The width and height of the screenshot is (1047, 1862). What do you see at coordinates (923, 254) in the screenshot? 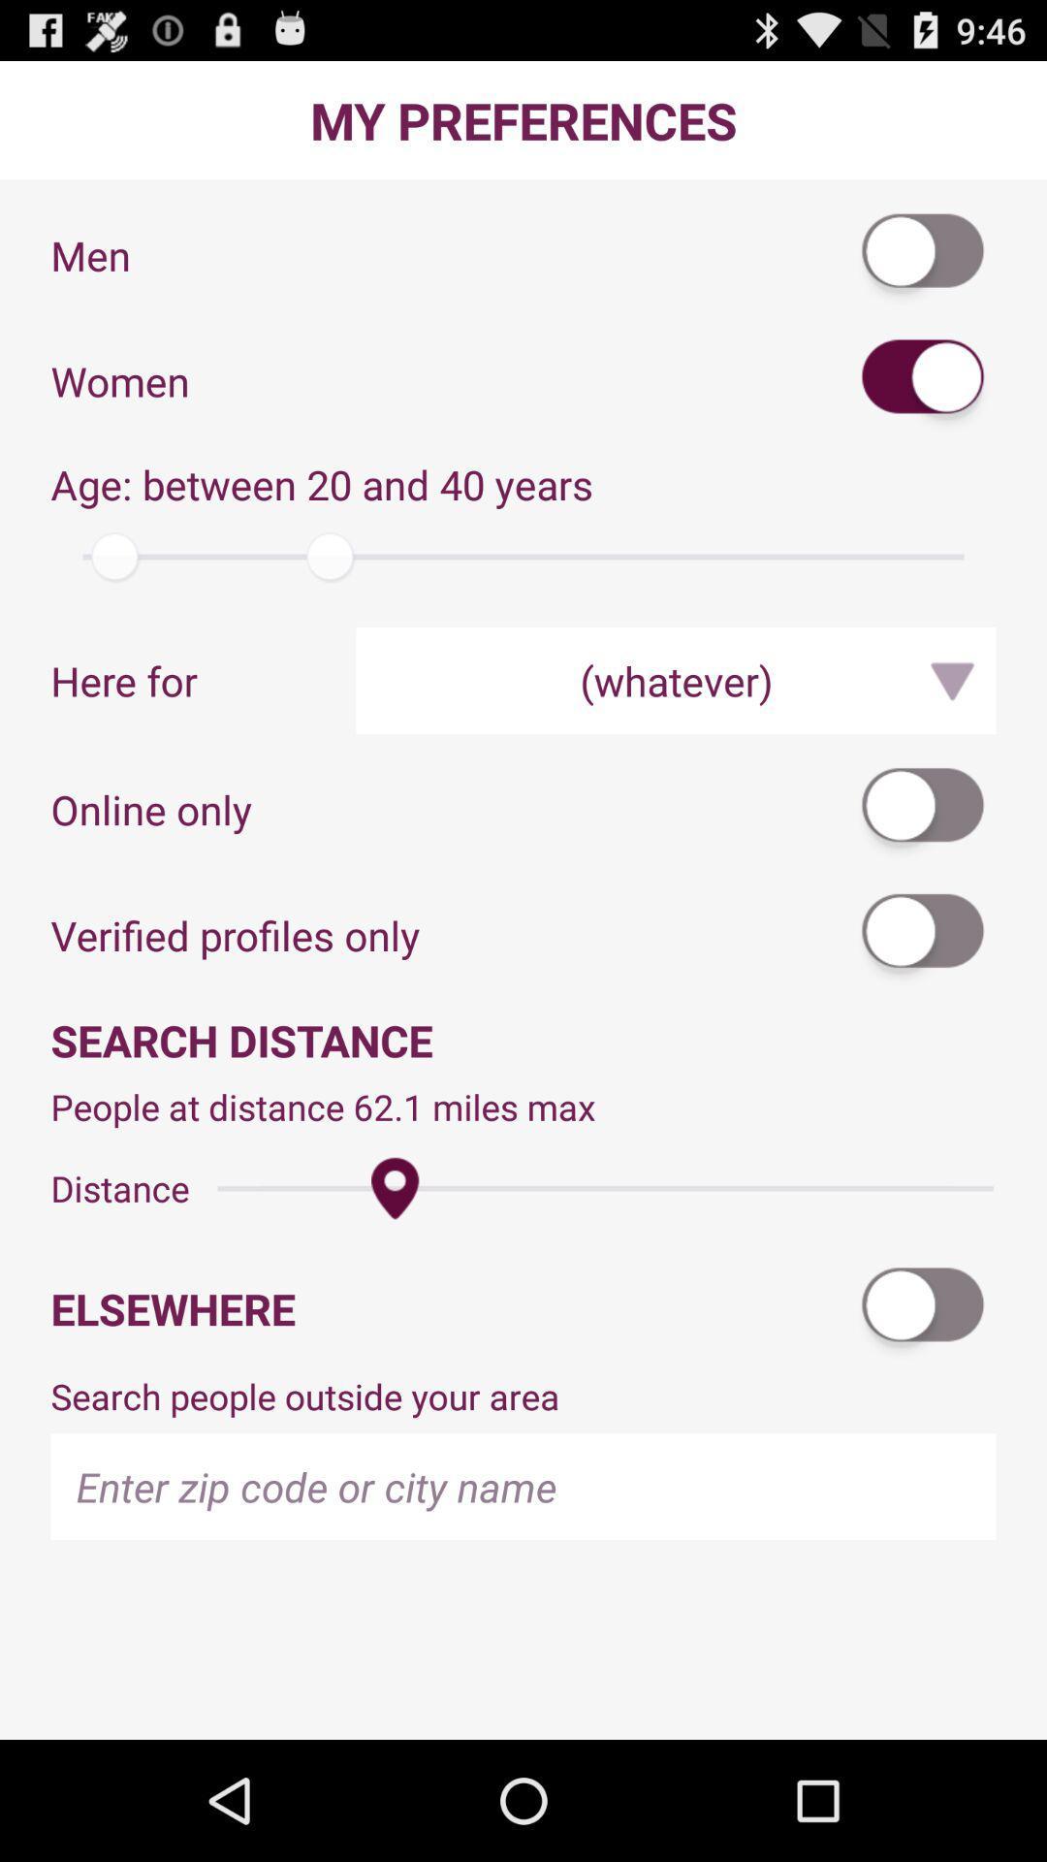
I see `gender option` at bounding box center [923, 254].